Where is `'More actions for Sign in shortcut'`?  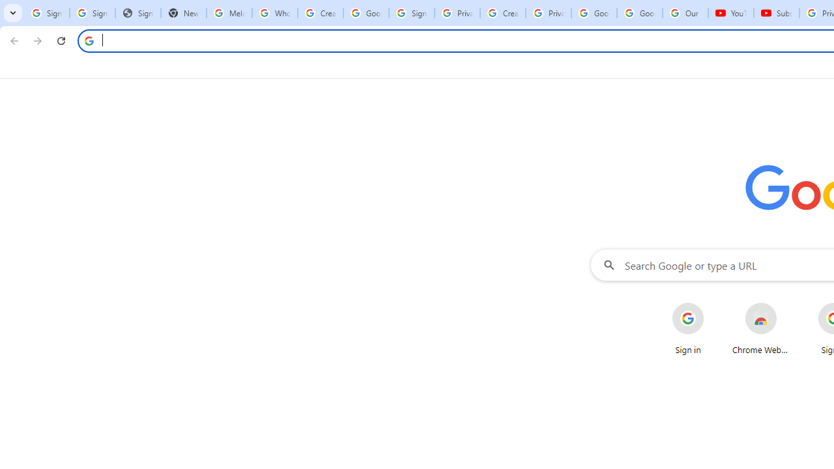
'More actions for Sign in shortcut' is located at coordinates (713, 304).